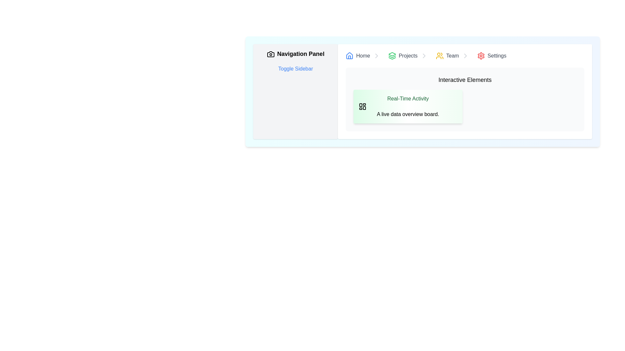 This screenshot has height=351, width=625. What do you see at coordinates (481, 56) in the screenshot?
I see `the gear-wheel icon with a red stroke next to the 'Settings' label` at bounding box center [481, 56].